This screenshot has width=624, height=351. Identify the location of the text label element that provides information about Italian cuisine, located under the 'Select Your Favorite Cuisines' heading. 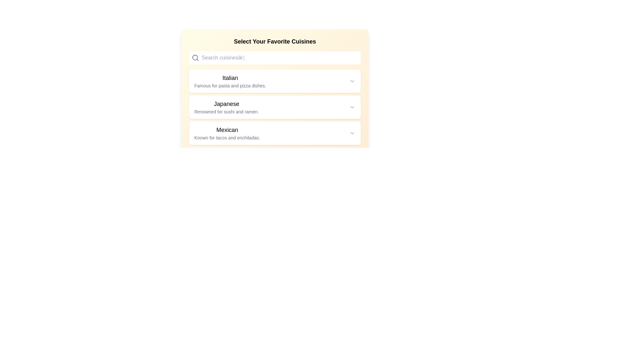
(230, 81).